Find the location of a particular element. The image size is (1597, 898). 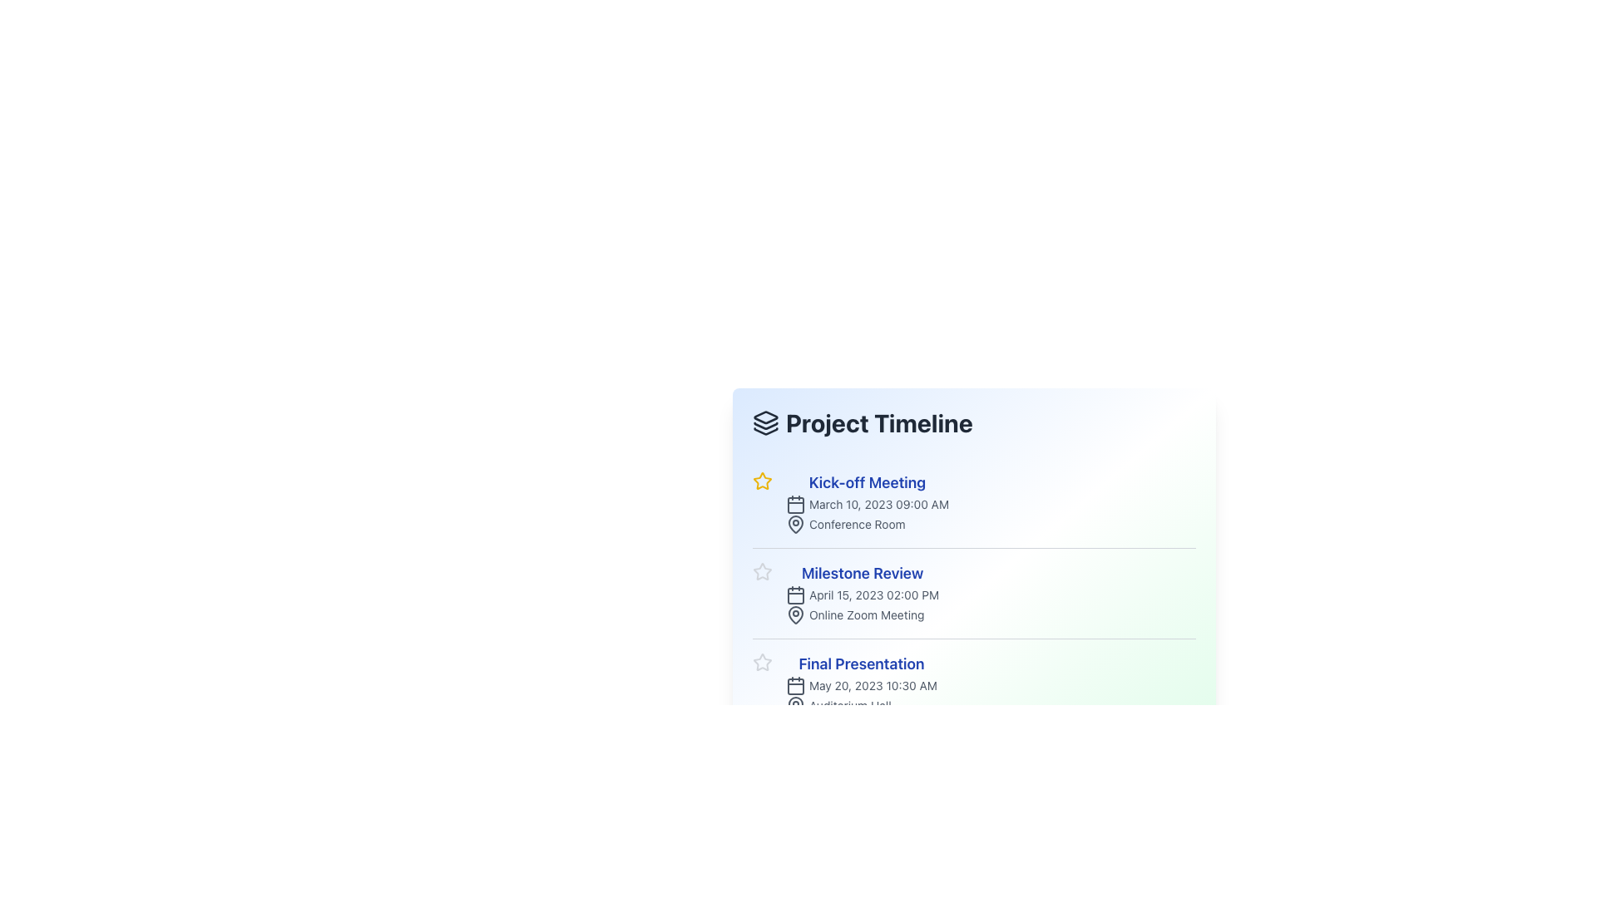

the Text Label with Icon that indicates the location of the 'Kick-off Meeting', located below the text 'March 10, 2023 09:00 AM' is located at coordinates (866, 525).